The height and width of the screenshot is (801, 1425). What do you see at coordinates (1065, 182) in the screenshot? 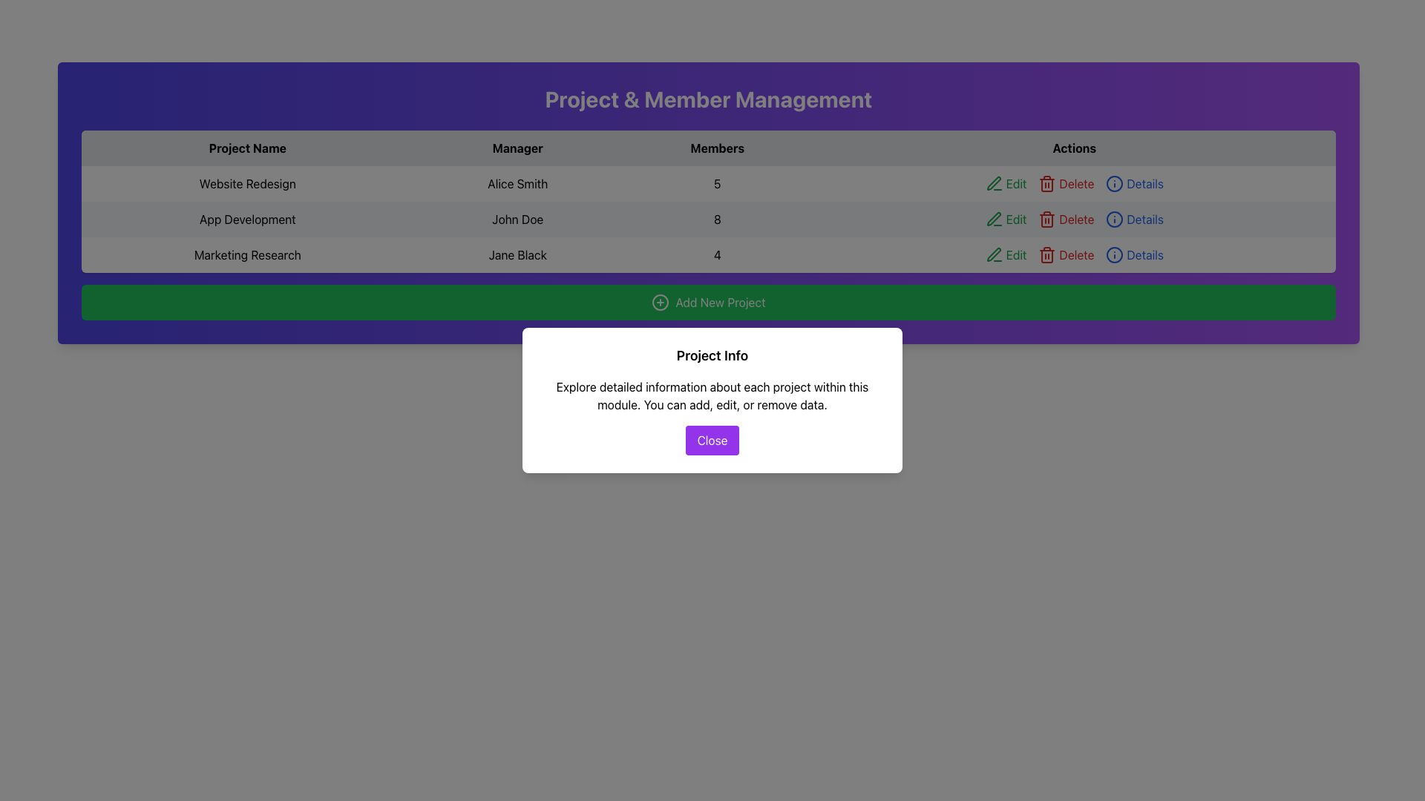
I see `the 'Delete' action button located in the 'Actions' column of the table, positioned between the 'Edit' and 'Details' buttons, to observe the style change` at bounding box center [1065, 182].